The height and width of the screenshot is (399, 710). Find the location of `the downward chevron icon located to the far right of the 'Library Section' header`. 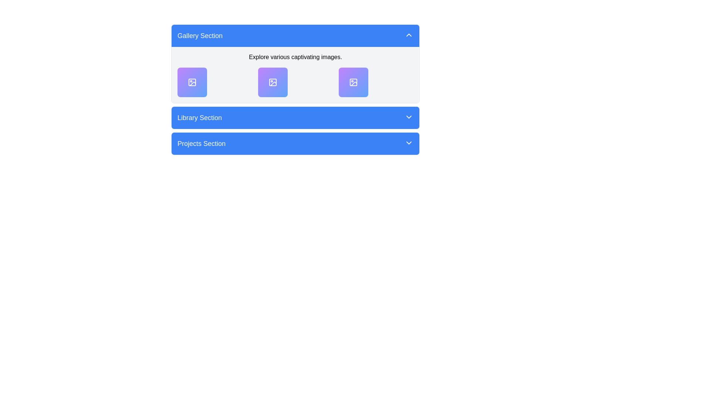

the downward chevron icon located to the far right of the 'Library Section' header is located at coordinates (408, 116).